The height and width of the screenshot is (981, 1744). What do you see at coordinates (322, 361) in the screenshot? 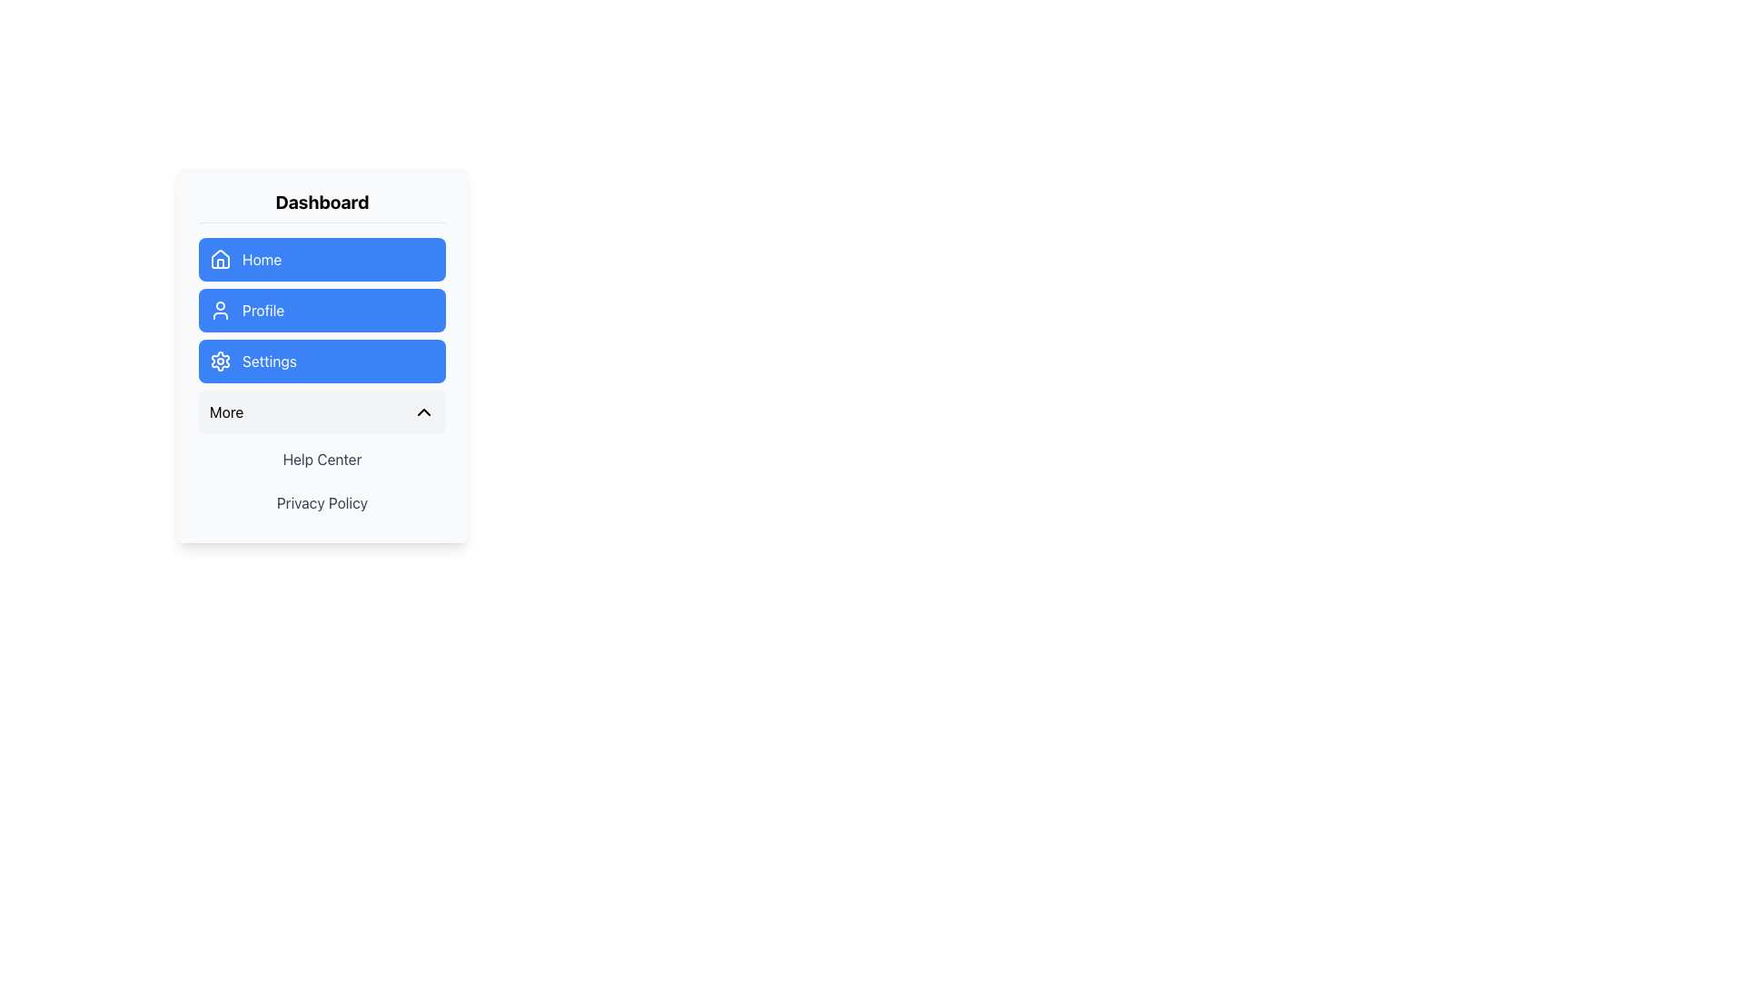
I see `the 'Settings' button located as the third entry in a vertical list of buttons in the sidebar` at bounding box center [322, 361].